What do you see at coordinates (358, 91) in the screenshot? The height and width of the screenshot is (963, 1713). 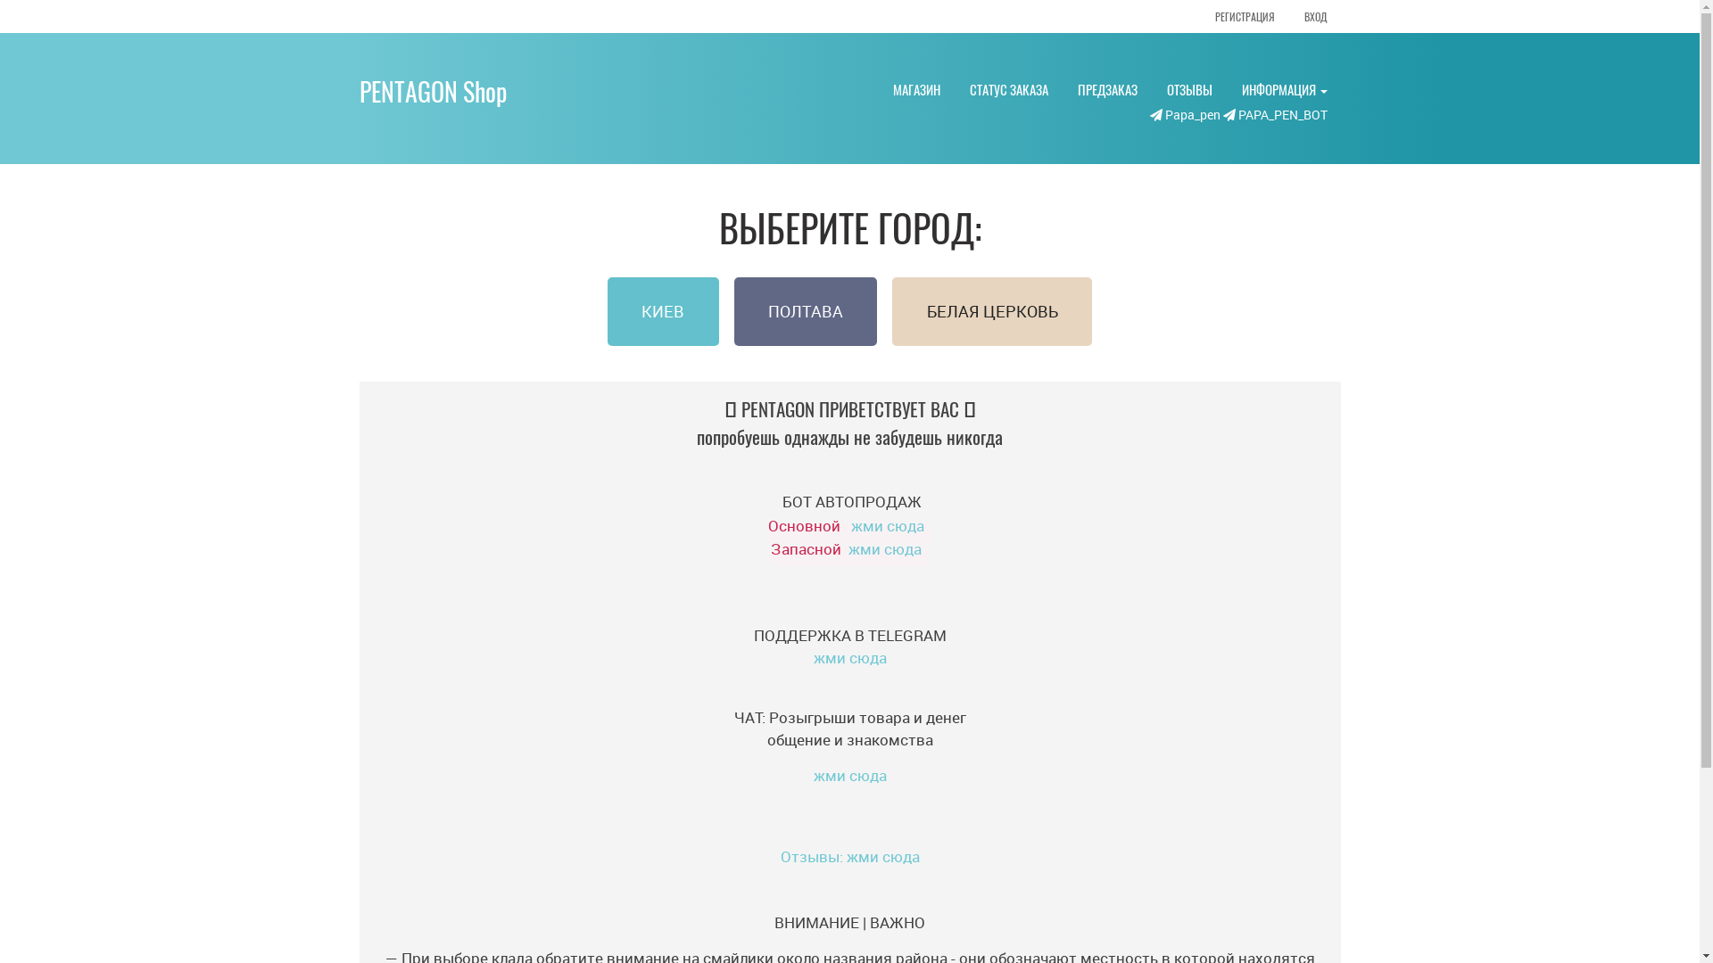 I see `'PENTAGON Shop'` at bounding box center [358, 91].